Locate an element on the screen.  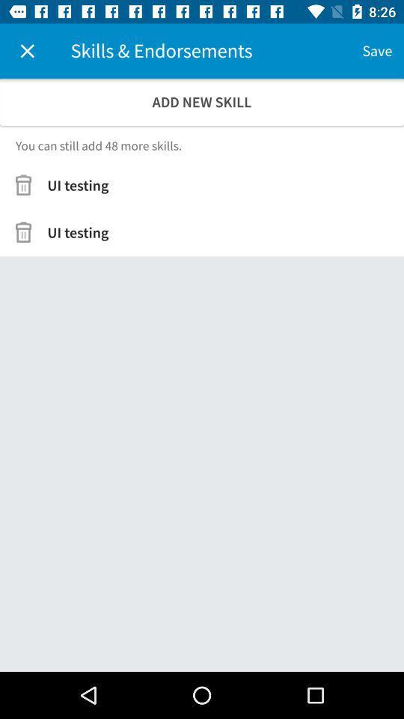
icon above the add new skill icon is located at coordinates (27, 51).